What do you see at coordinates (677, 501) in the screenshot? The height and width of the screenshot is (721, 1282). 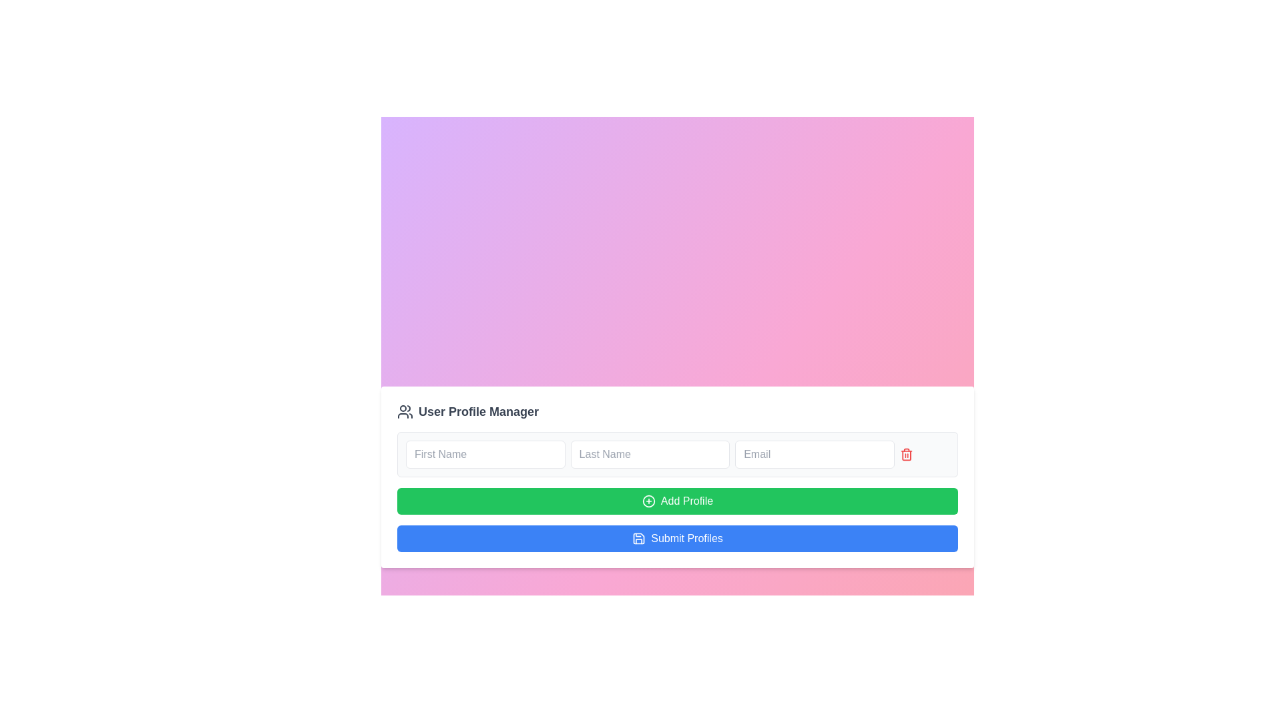 I see `the 'Add New User Profile' button located directly below the input fields and above the 'Submit Profiles' button to initiate the profile addition process` at bounding box center [677, 501].